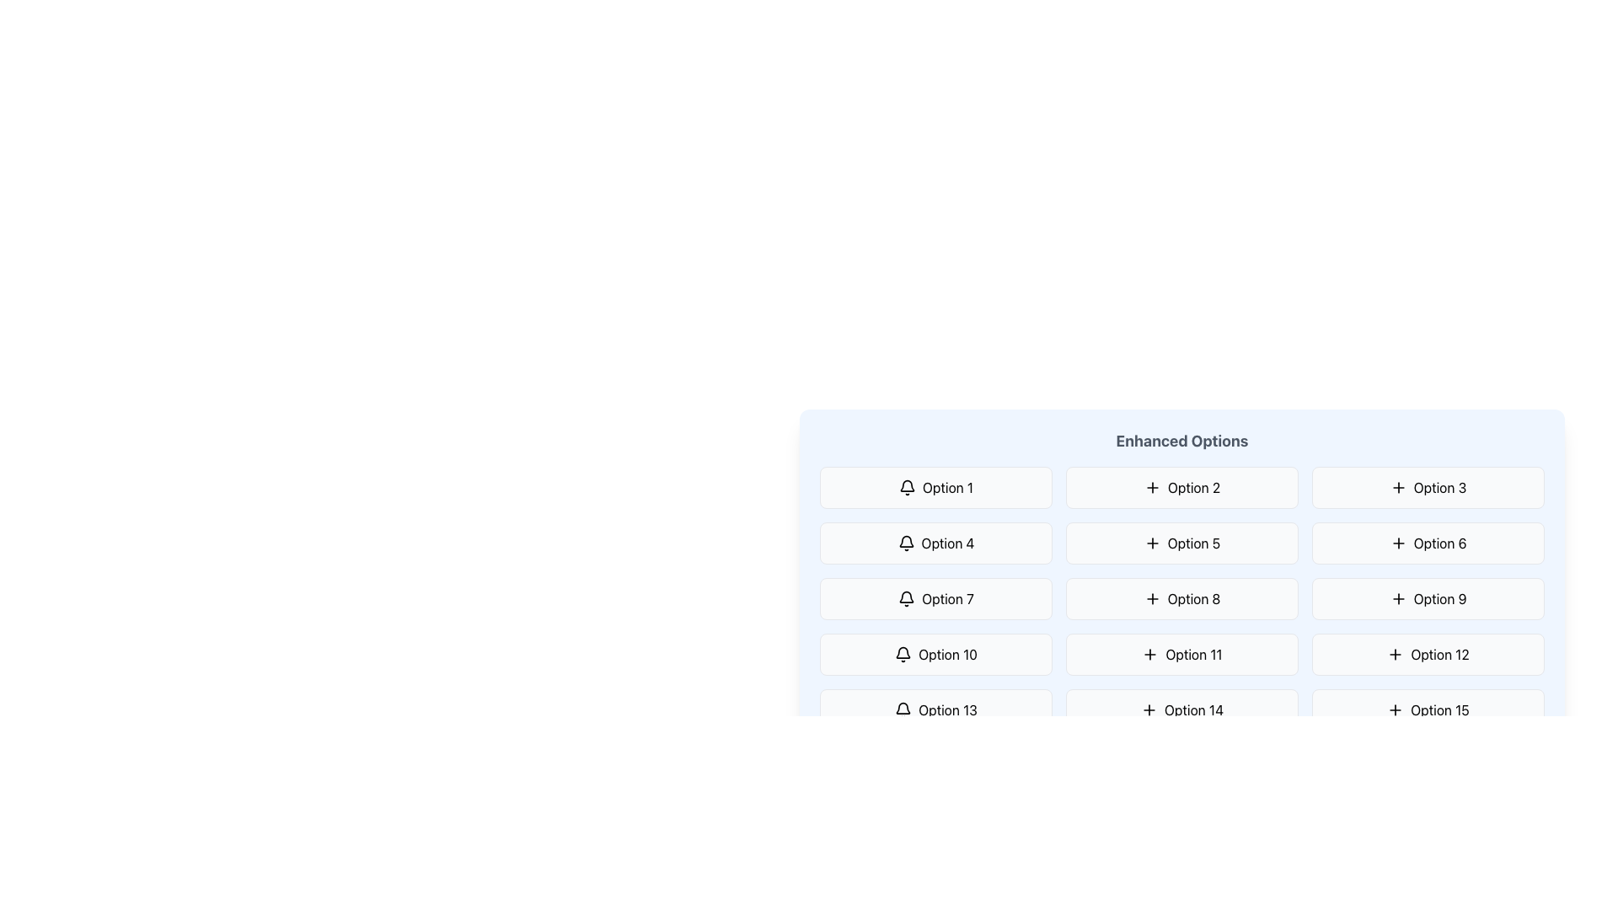  Describe the element at coordinates (903, 710) in the screenshot. I see `the bell icon embedded in the button labeled 'Option 13', located in the bottom-left corner of the 'Enhanced Options' grid` at that location.